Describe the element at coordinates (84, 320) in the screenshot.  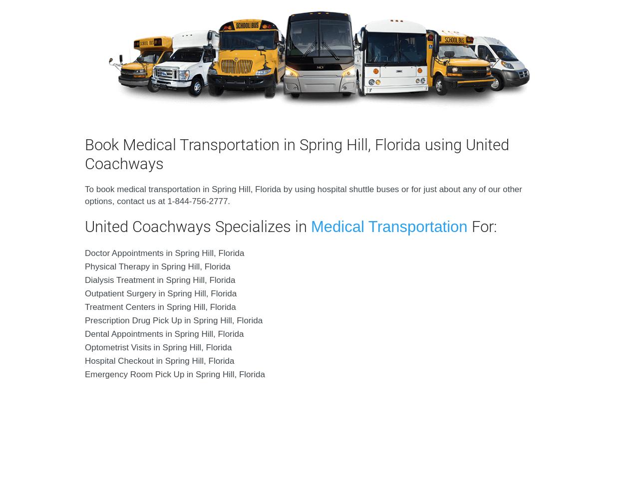
I see `'Prescription Drug Pick Up in Spring Hill, Florida'` at that location.